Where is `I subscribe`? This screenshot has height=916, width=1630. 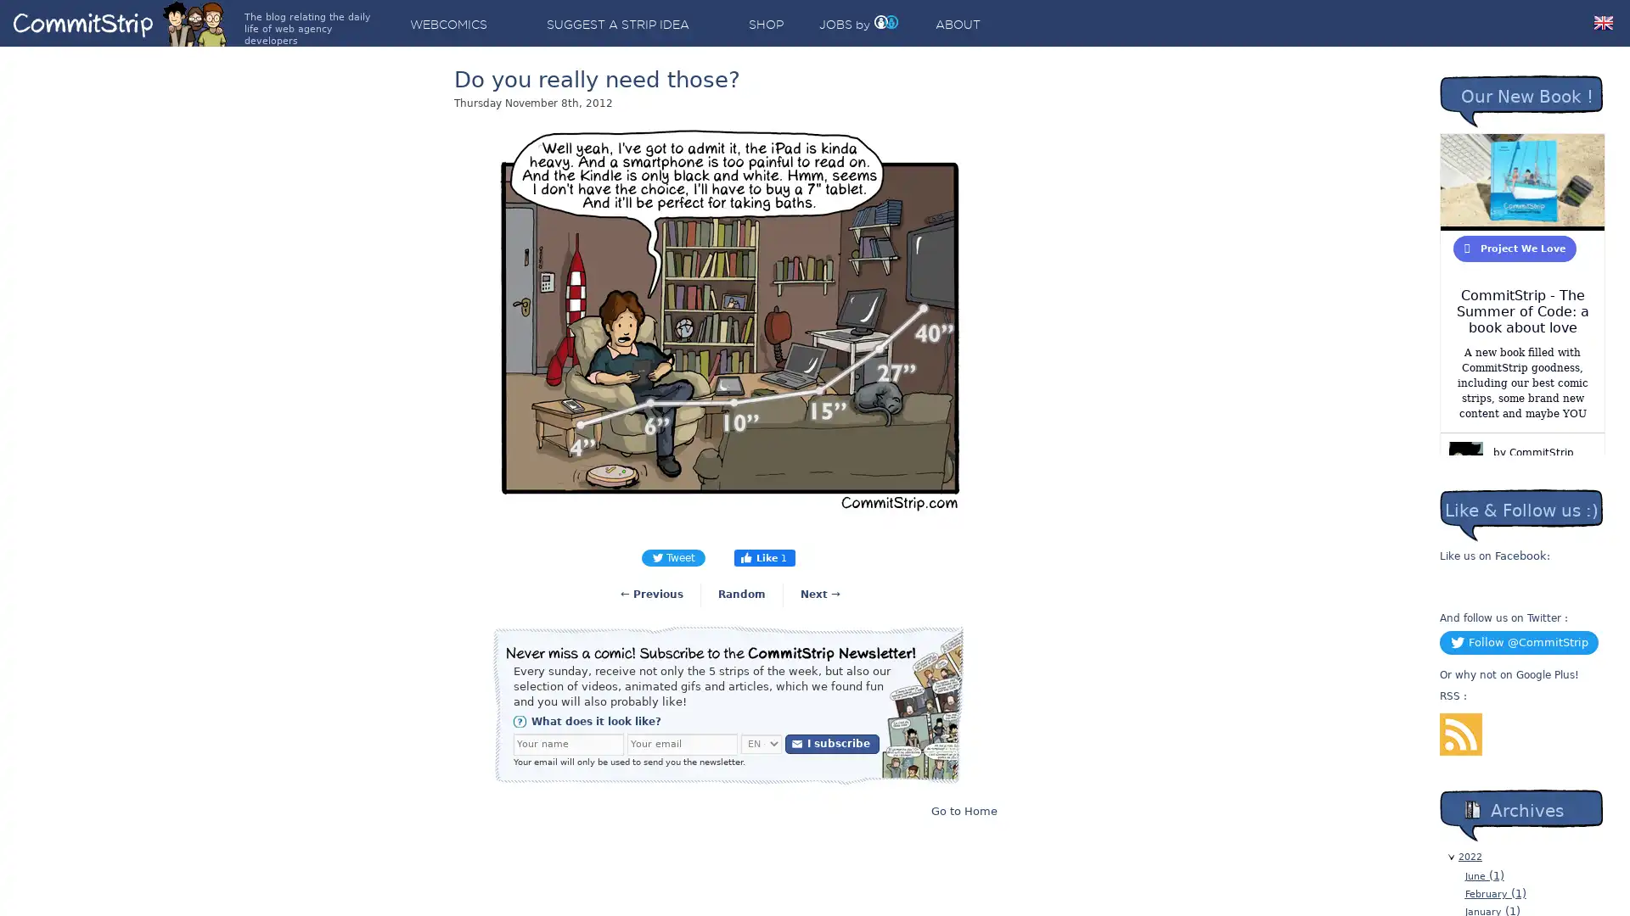 I subscribe is located at coordinates (832, 742).